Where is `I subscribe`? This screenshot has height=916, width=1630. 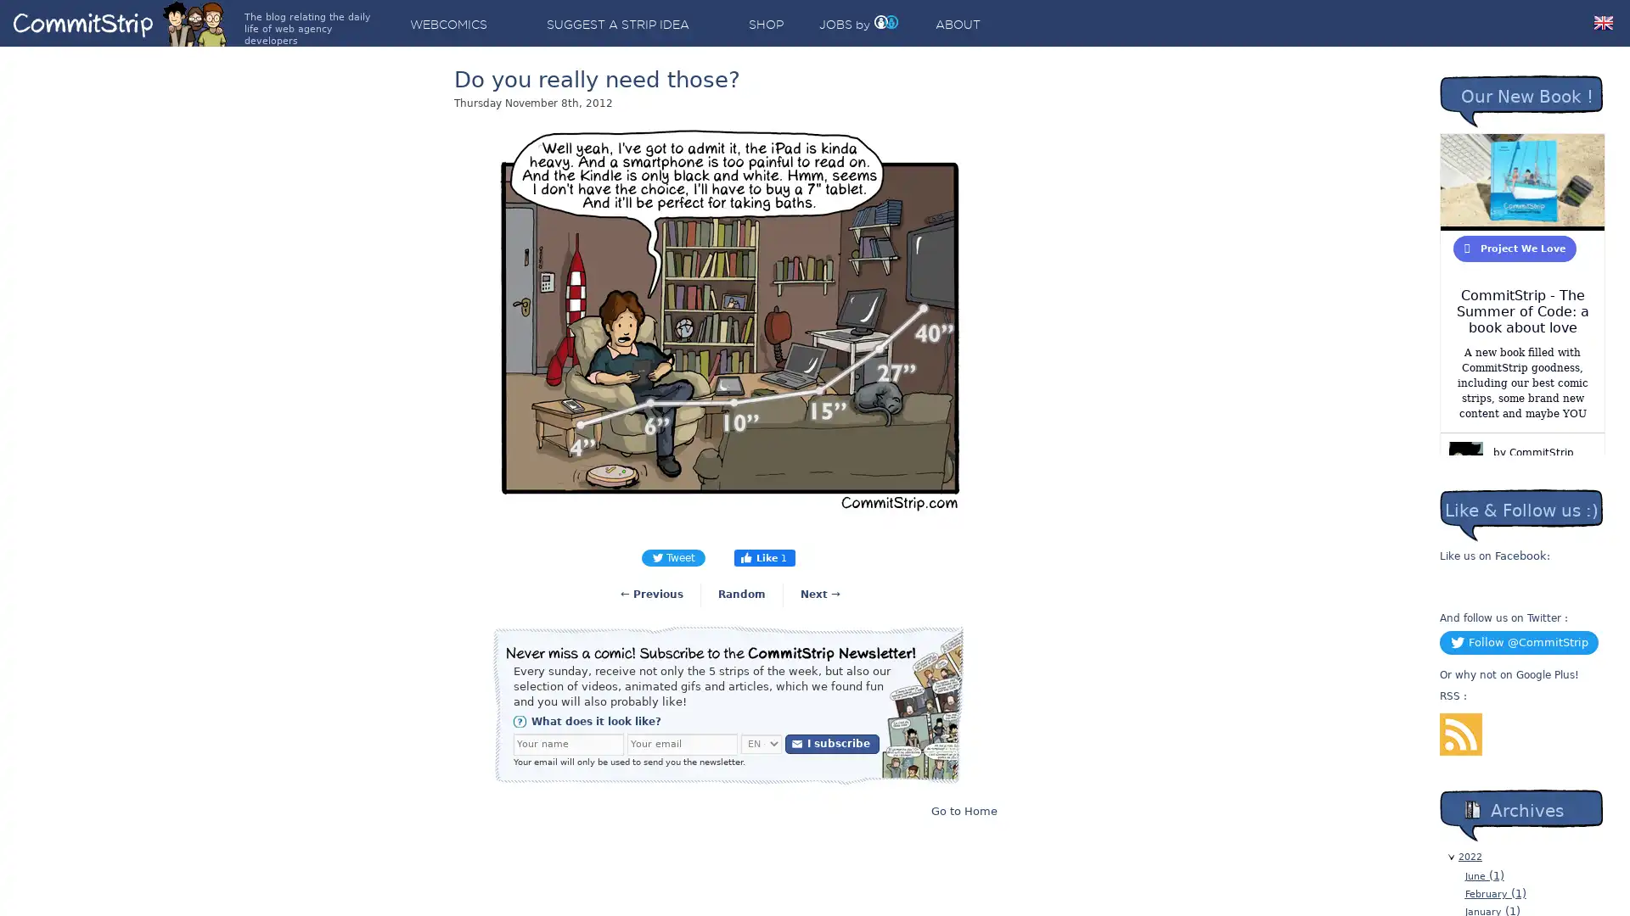 I subscribe is located at coordinates (832, 742).